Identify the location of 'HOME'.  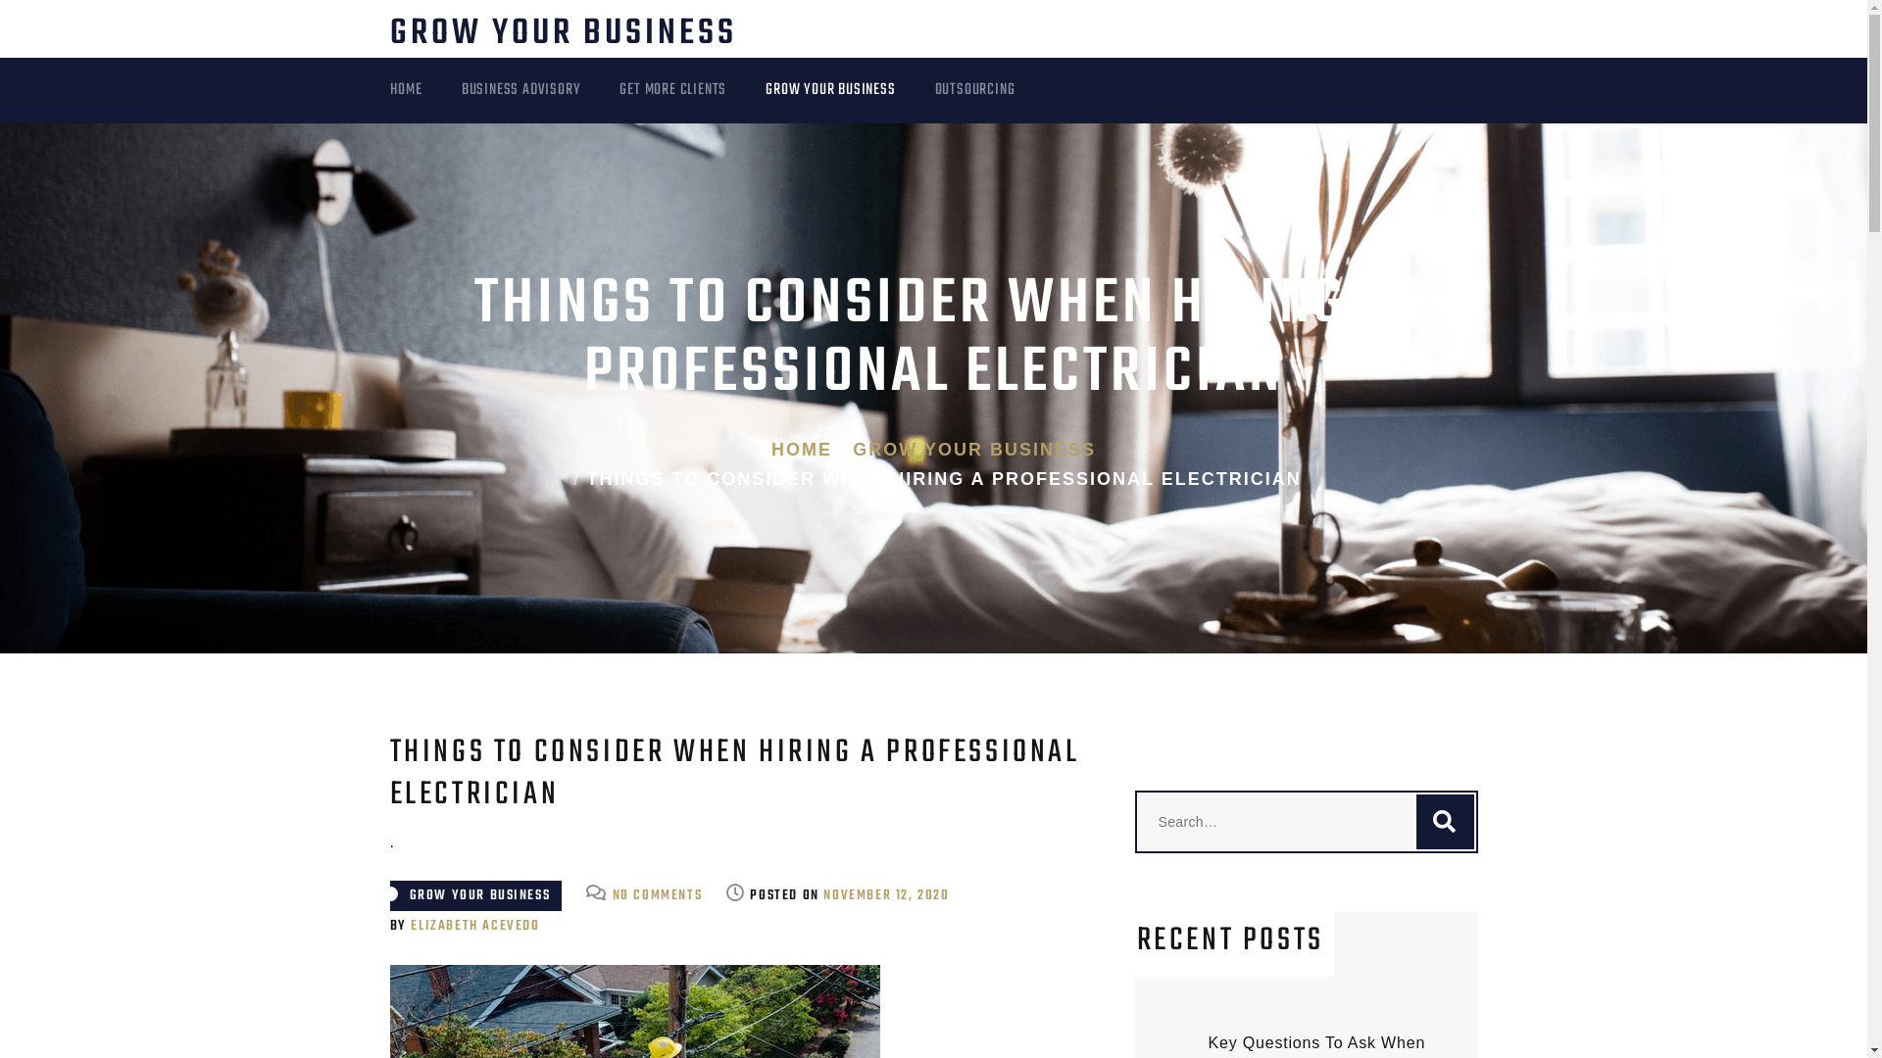
(424, 90).